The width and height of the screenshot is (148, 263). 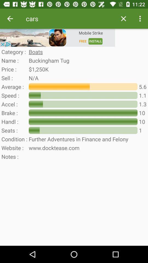 I want to click on advertisement bar, so click(x=57, y=37).